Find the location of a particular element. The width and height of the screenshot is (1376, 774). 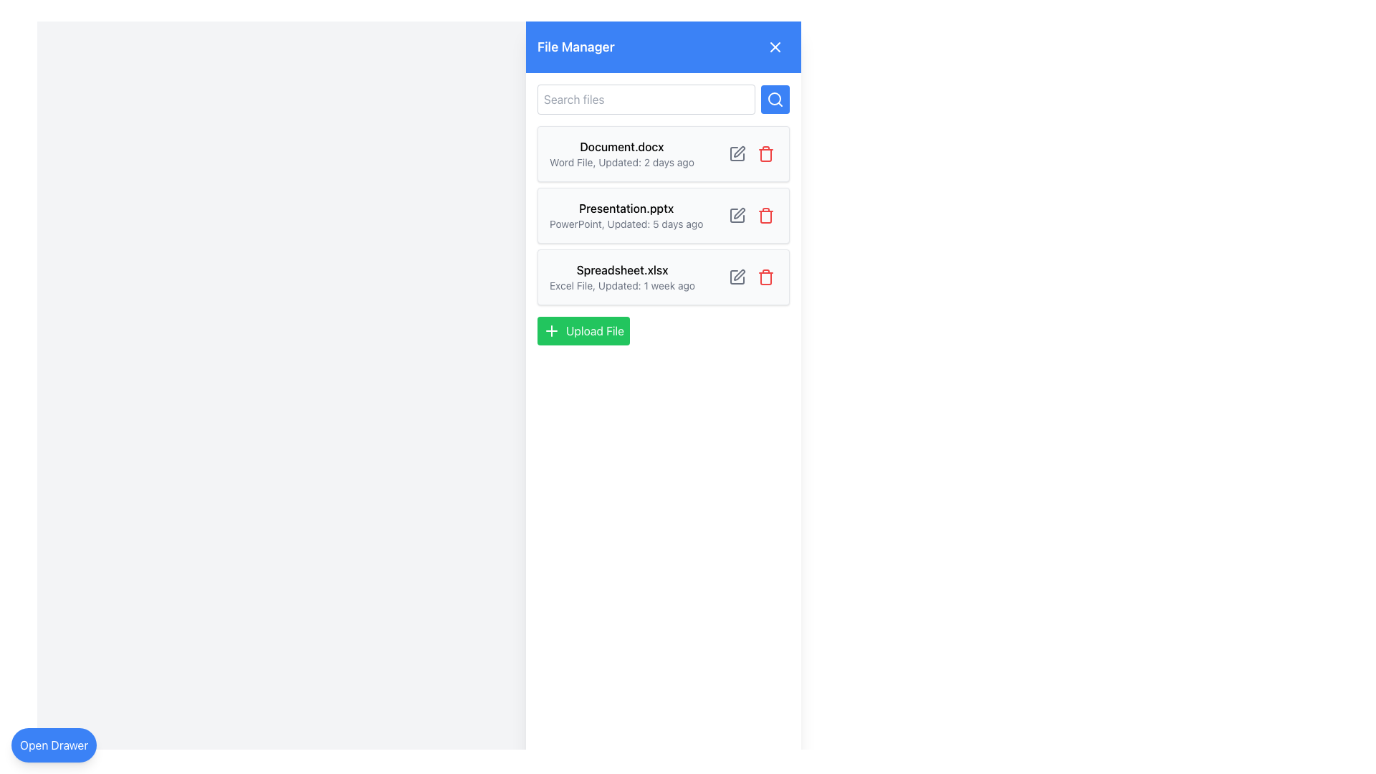

the edit icon located to the right of the 'Presentation.pptx' label in the file manager interface to initiate the editing action for the file is located at coordinates (737, 215).